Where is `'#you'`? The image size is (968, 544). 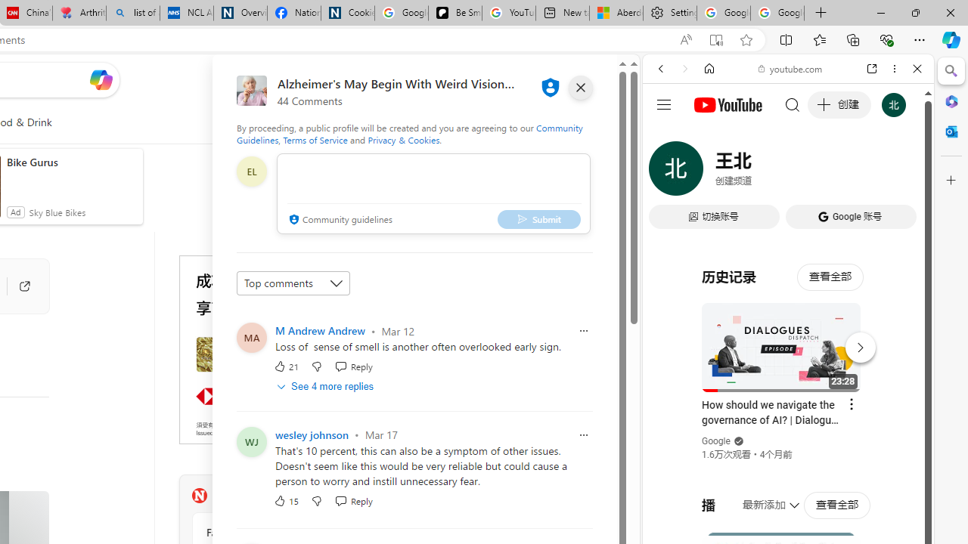 '#you' is located at coordinates (787, 336).